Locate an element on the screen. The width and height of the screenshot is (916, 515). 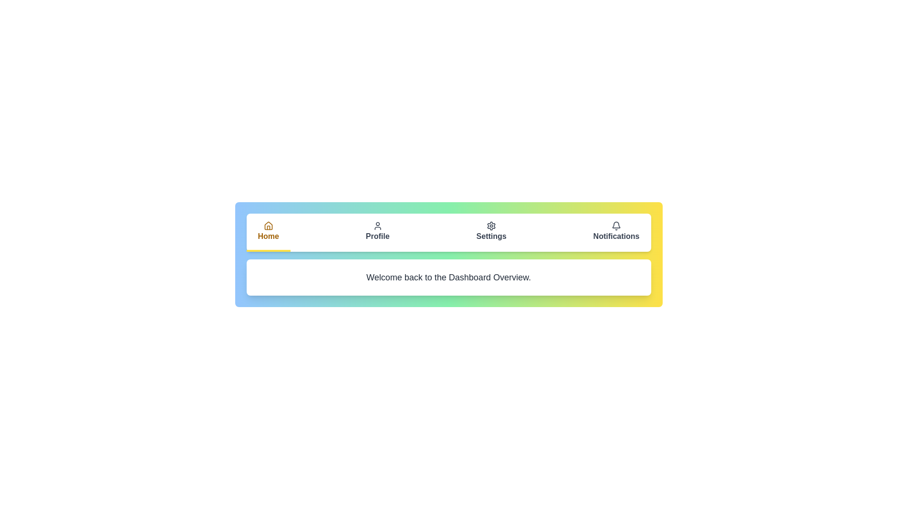
the navigational button labeled 'Home' with a stylized home icon to indicate interactivity by changing its color is located at coordinates (268, 233).